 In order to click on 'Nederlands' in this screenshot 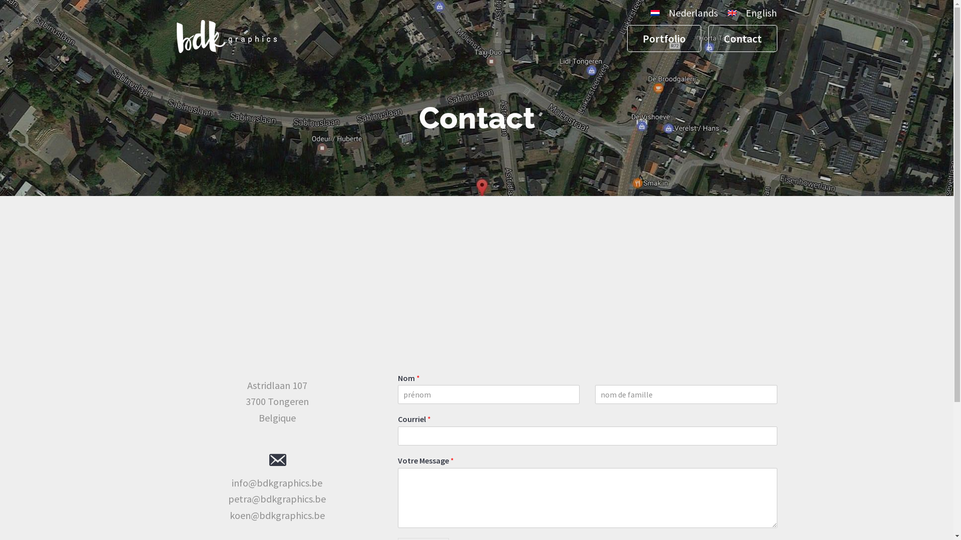, I will do `click(646, 13)`.